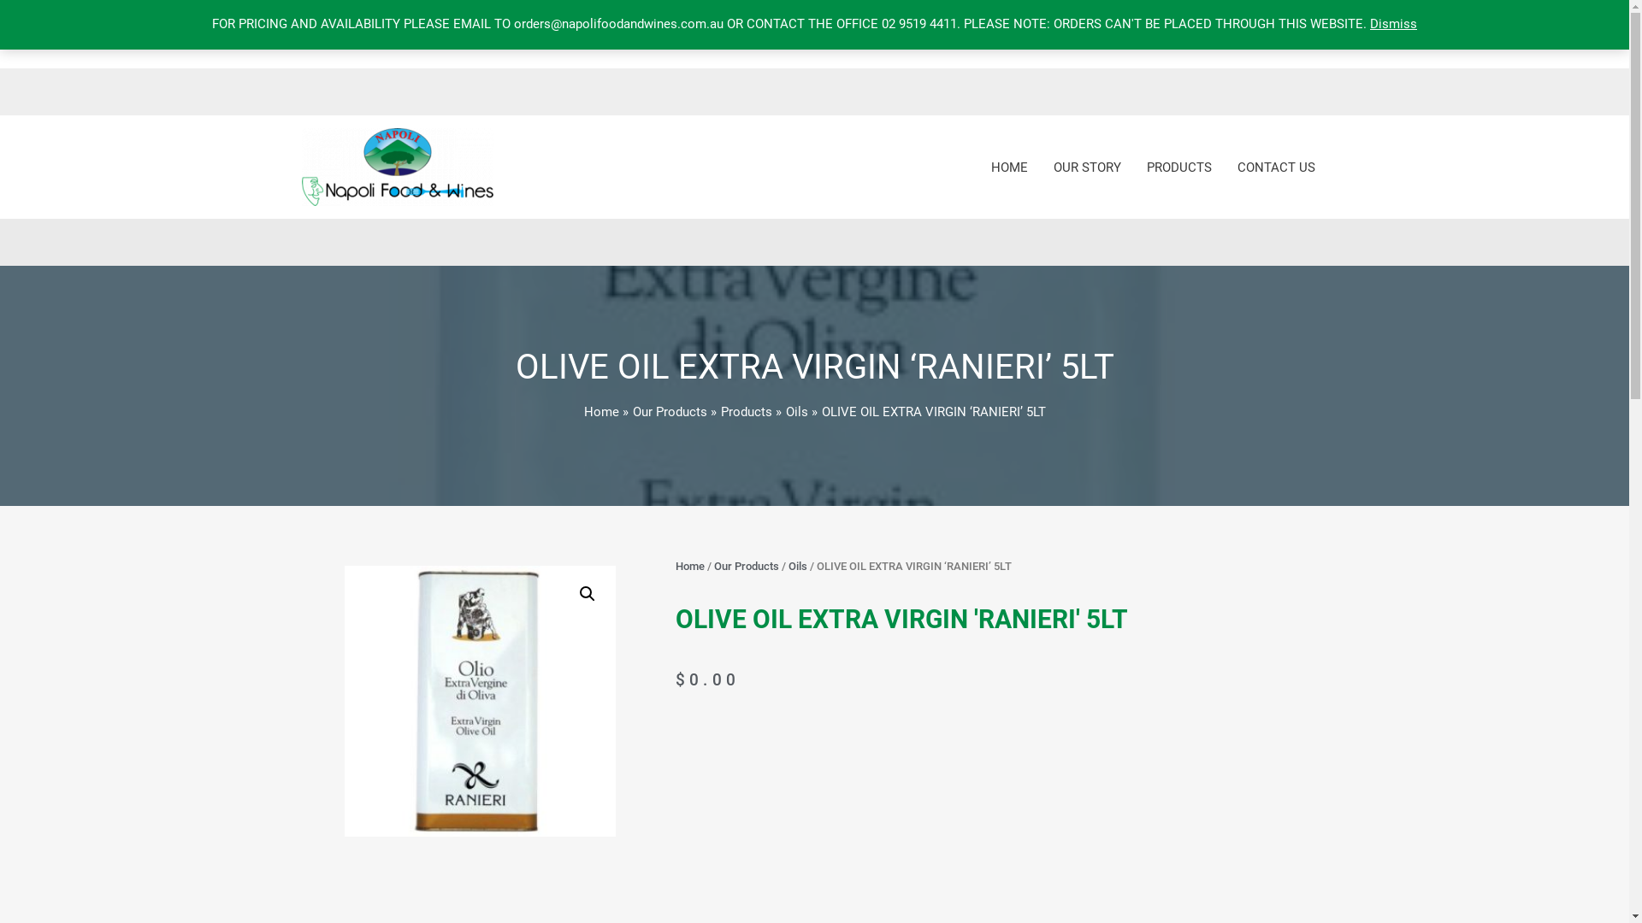 This screenshot has width=1642, height=923. What do you see at coordinates (1178, 167) in the screenshot?
I see `'PRODUCTS'` at bounding box center [1178, 167].